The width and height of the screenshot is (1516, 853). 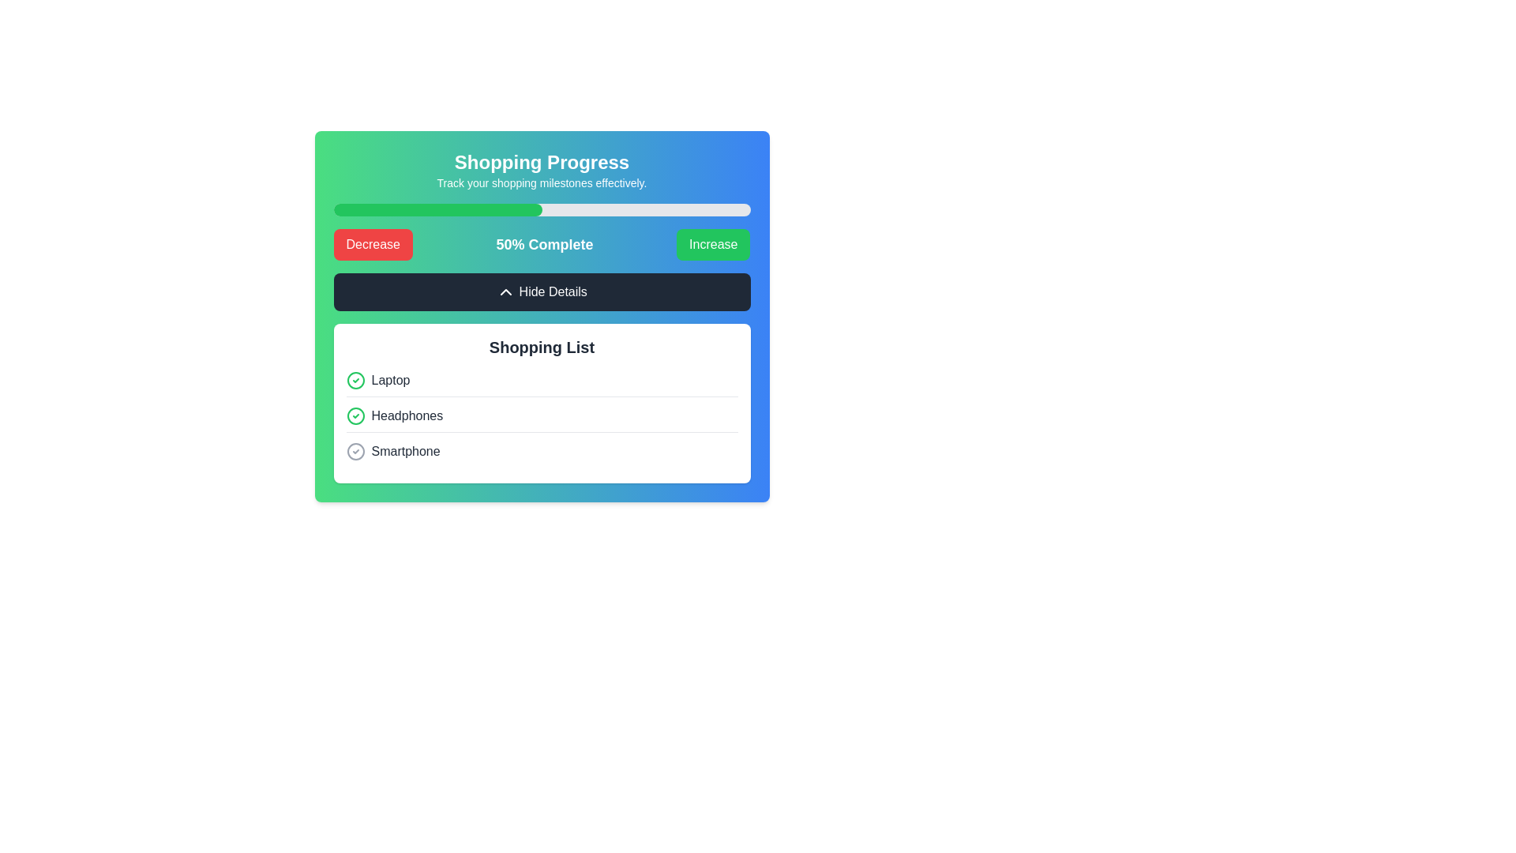 I want to click on the status indicator icon for the 'Headphones' entry, which signifies completion or selection status, located at the top-left corner of the entry, so click(x=355, y=415).